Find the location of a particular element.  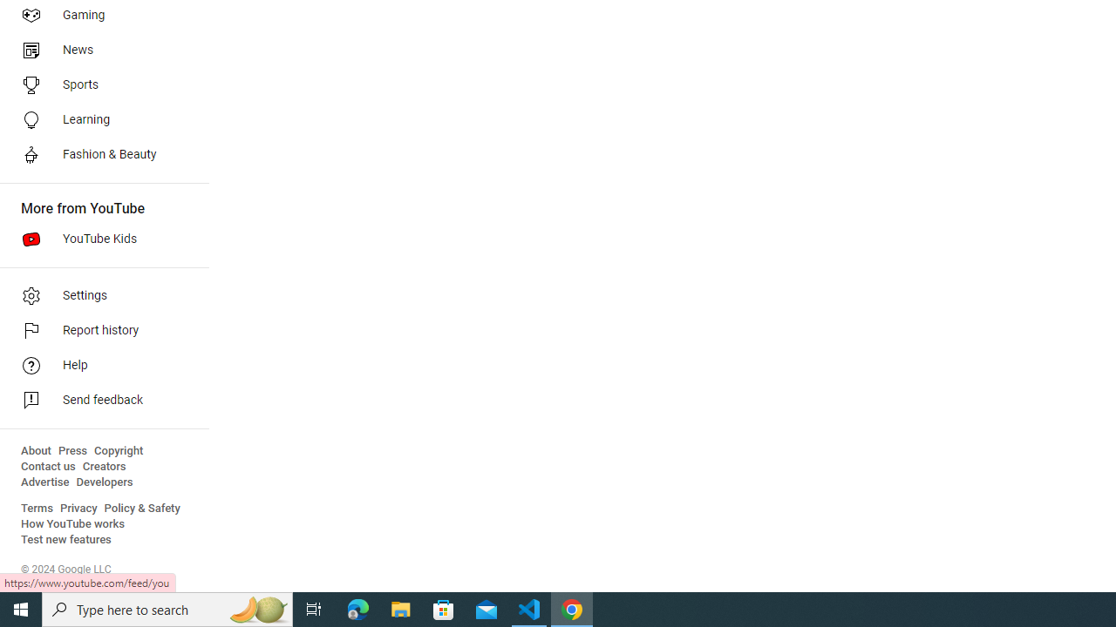

'Test new features' is located at coordinates (66, 539).